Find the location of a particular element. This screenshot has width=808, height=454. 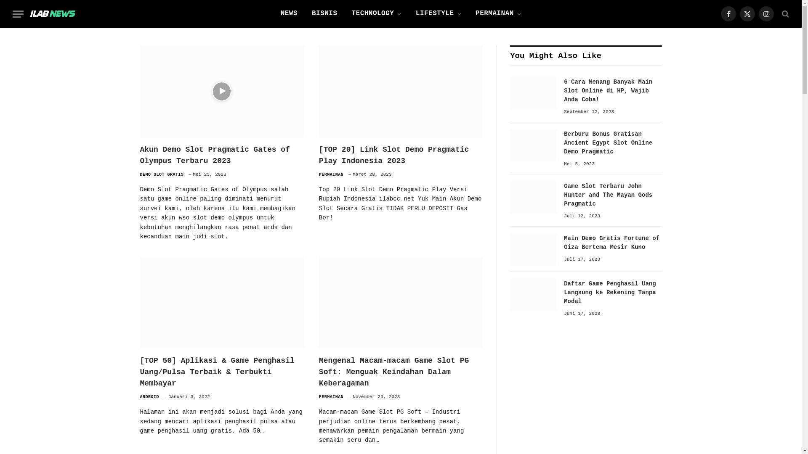

'Akun Demo Slot Pragmatic Gates of Olympus Terbaru 2023' is located at coordinates (221, 156).